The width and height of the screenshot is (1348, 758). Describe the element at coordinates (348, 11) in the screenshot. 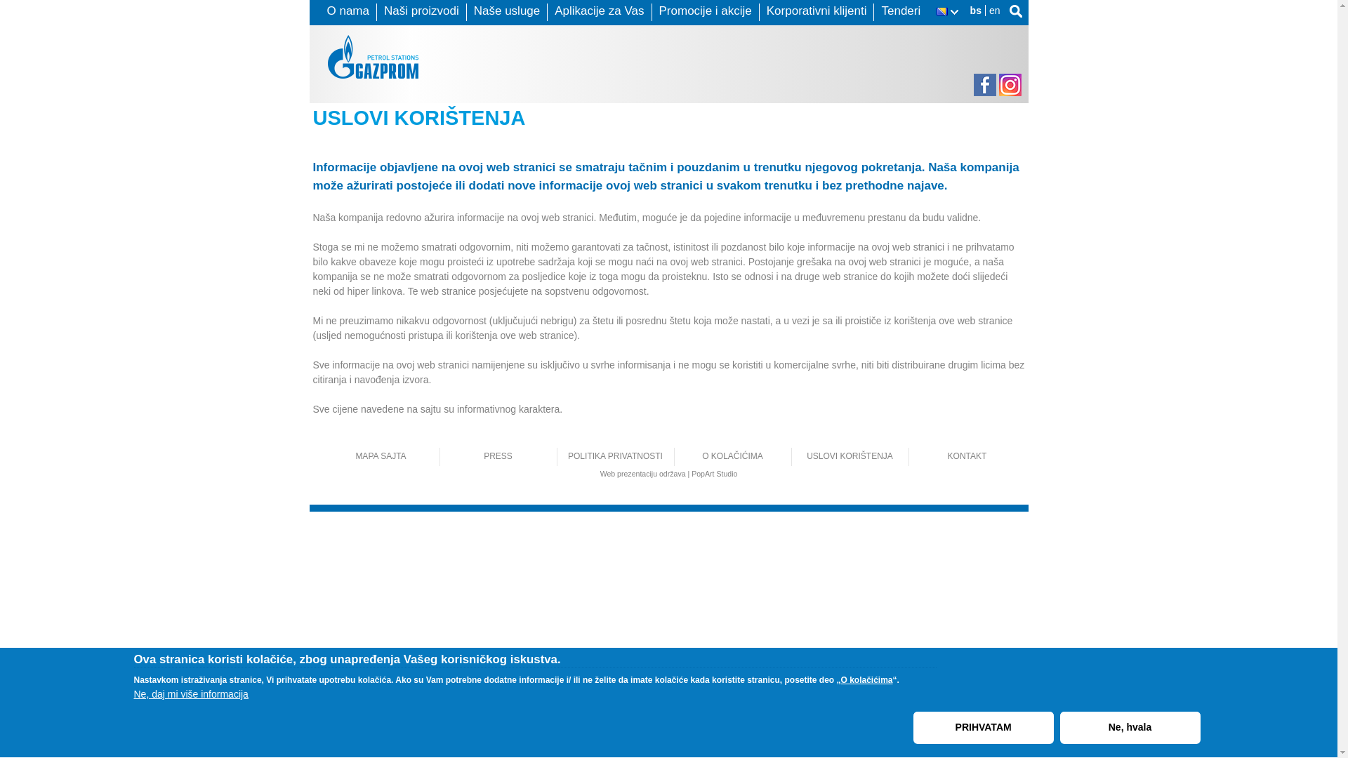

I see `'O nama'` at that location.